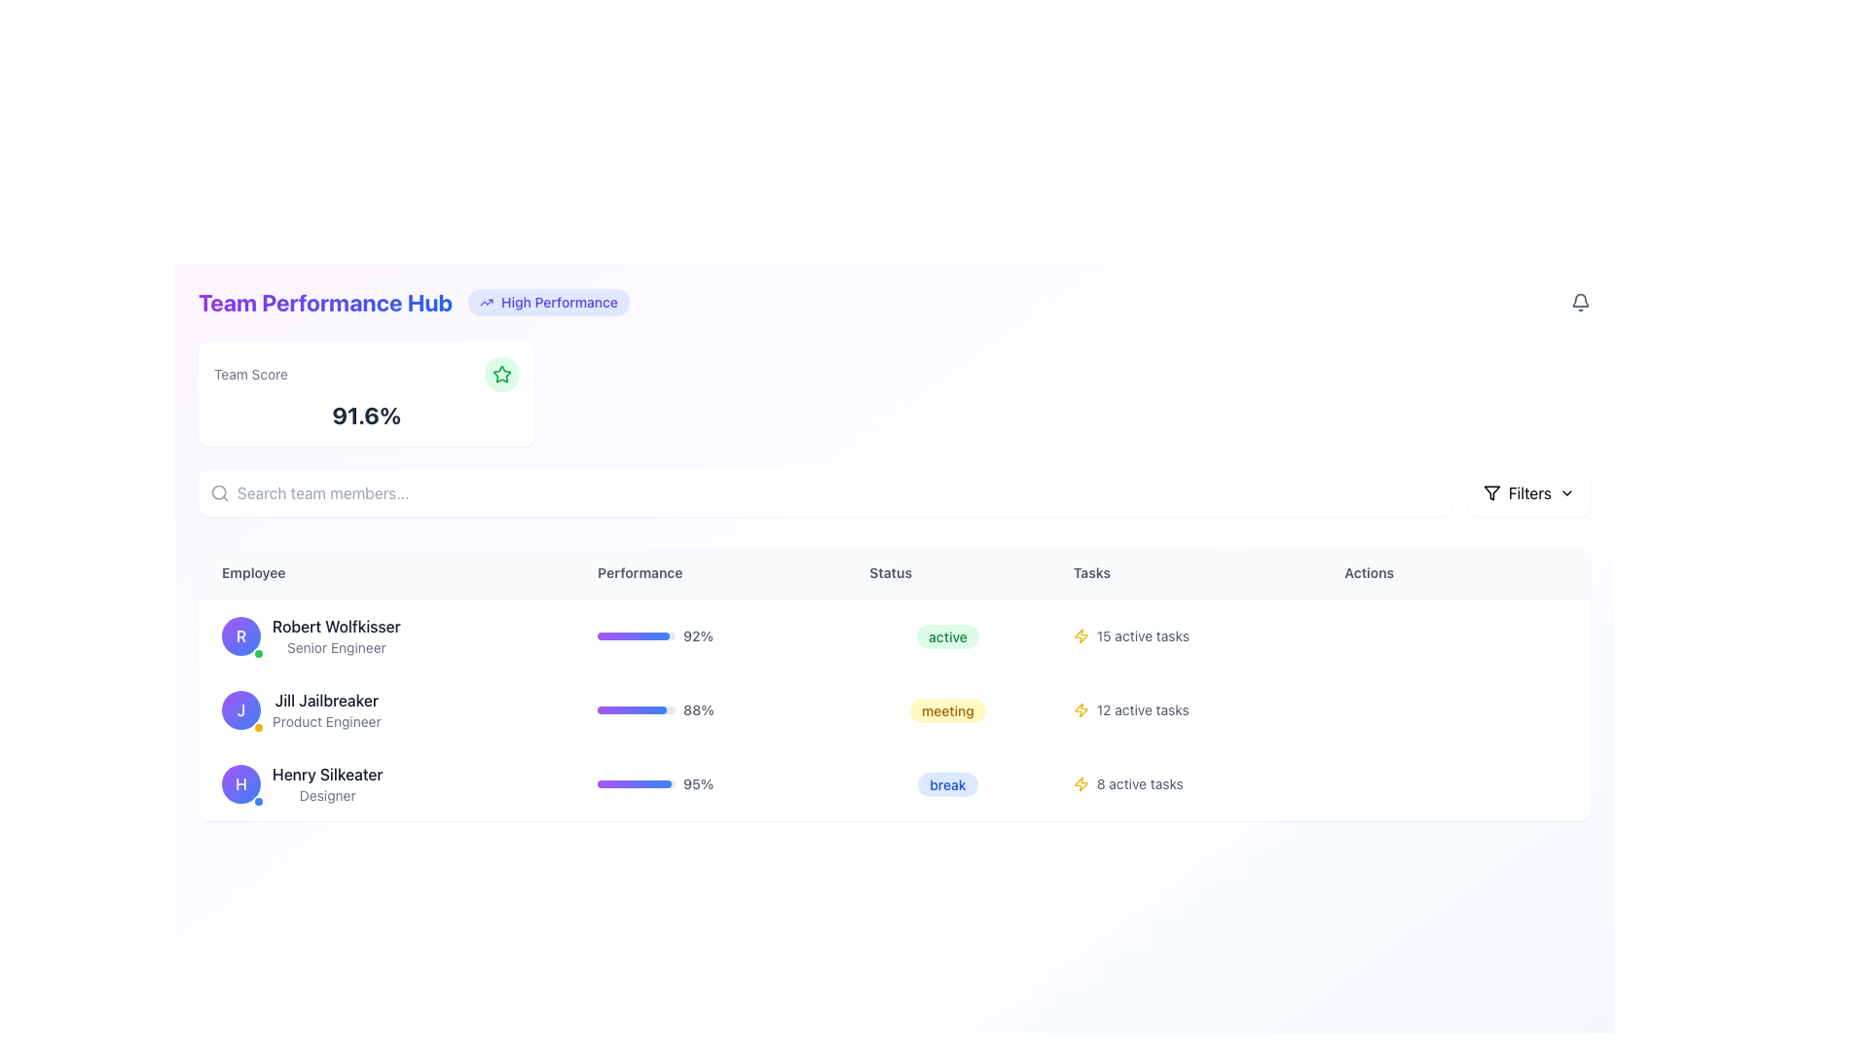  I want to click on the Progress indicator in the 'Performance' column of the third row, located under 'Henry Silkeater' in the 'Employee' column, so click(709, 783).